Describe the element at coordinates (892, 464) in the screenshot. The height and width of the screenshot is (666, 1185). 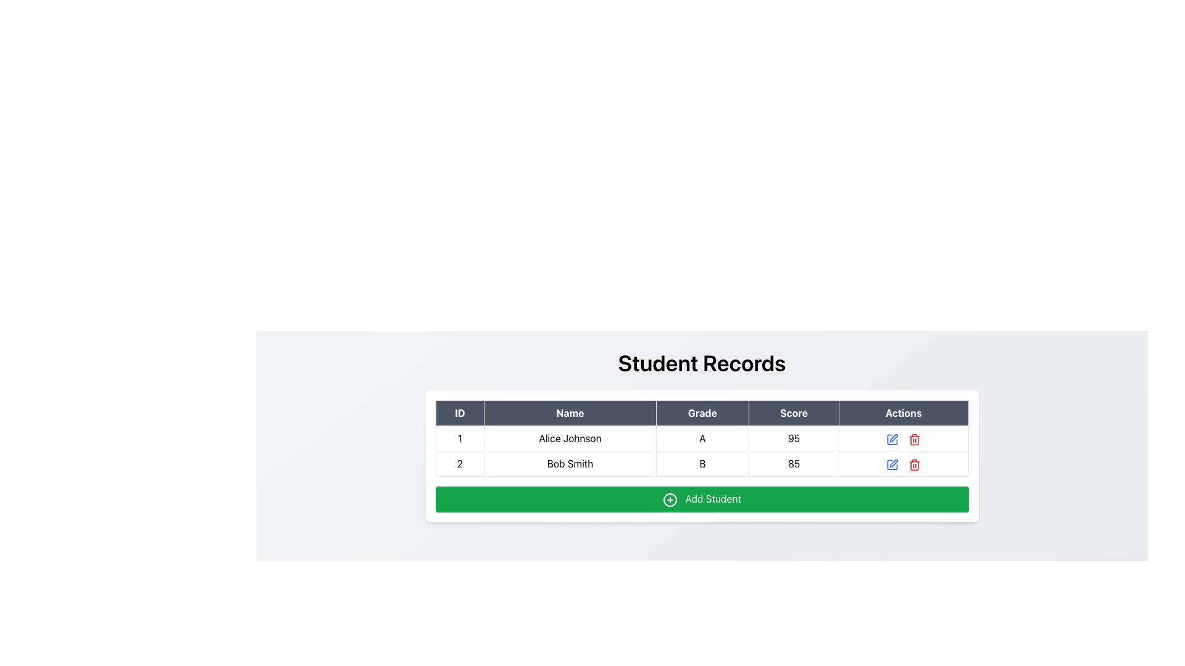
I see `the edit icon in the actions column of the second row in the Student Records section` at that location.